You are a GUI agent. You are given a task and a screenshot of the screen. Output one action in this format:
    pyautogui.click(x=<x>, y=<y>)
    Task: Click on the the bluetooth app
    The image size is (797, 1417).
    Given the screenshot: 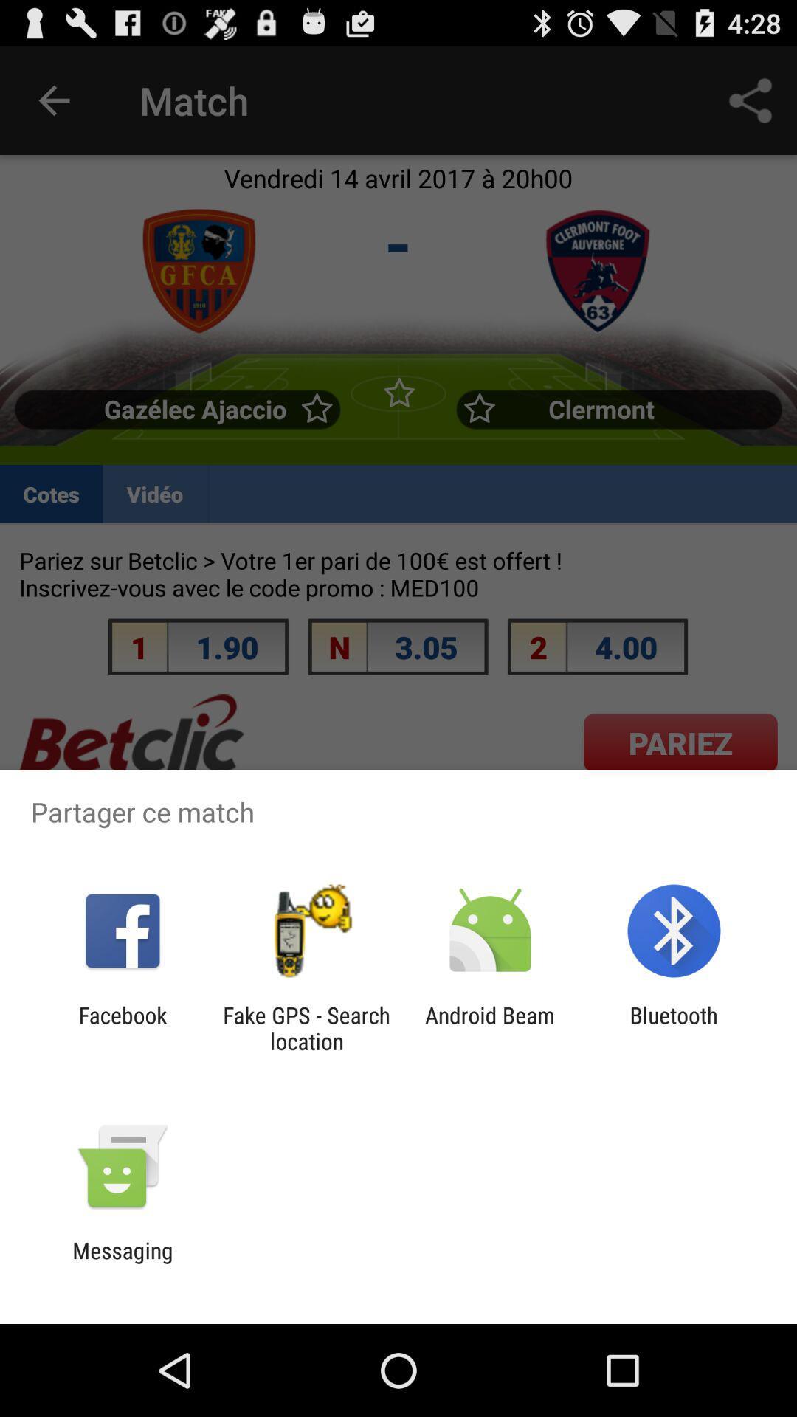 What is the action you would take?
    pyautogui.click(x=674, y=1027)
    